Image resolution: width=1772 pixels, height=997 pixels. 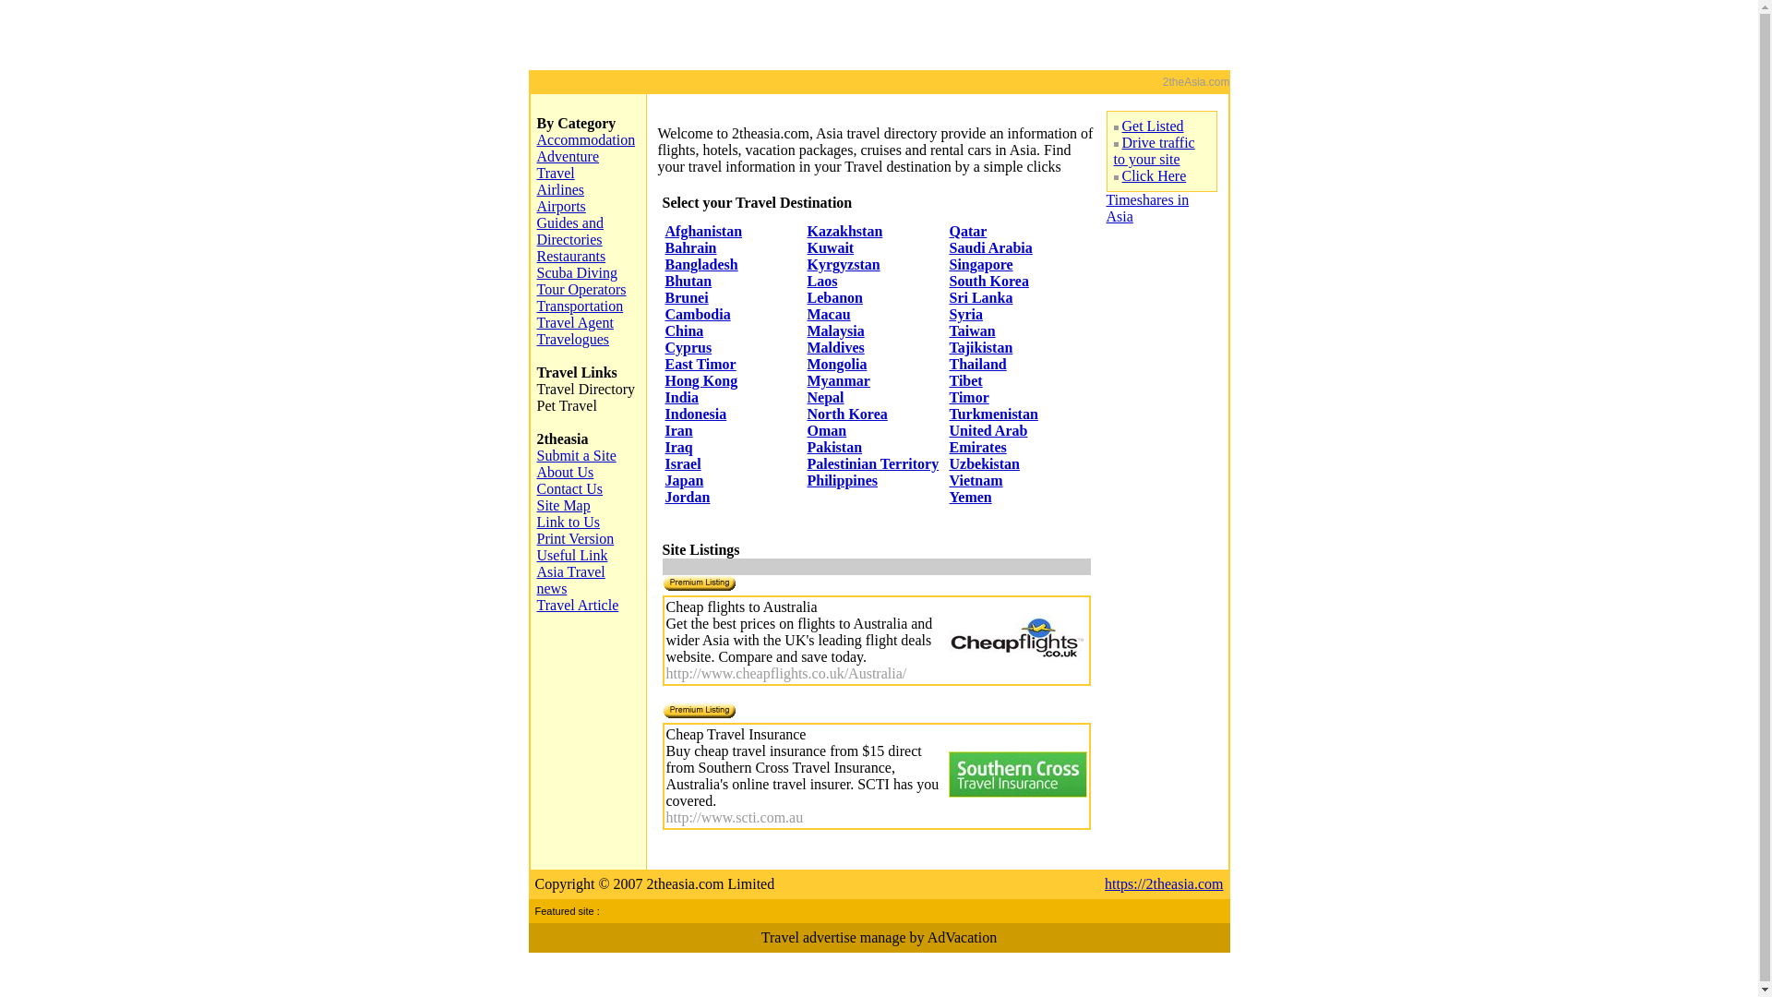 I want to click on 'Saudi Arabia', so click(x=989, y=246).